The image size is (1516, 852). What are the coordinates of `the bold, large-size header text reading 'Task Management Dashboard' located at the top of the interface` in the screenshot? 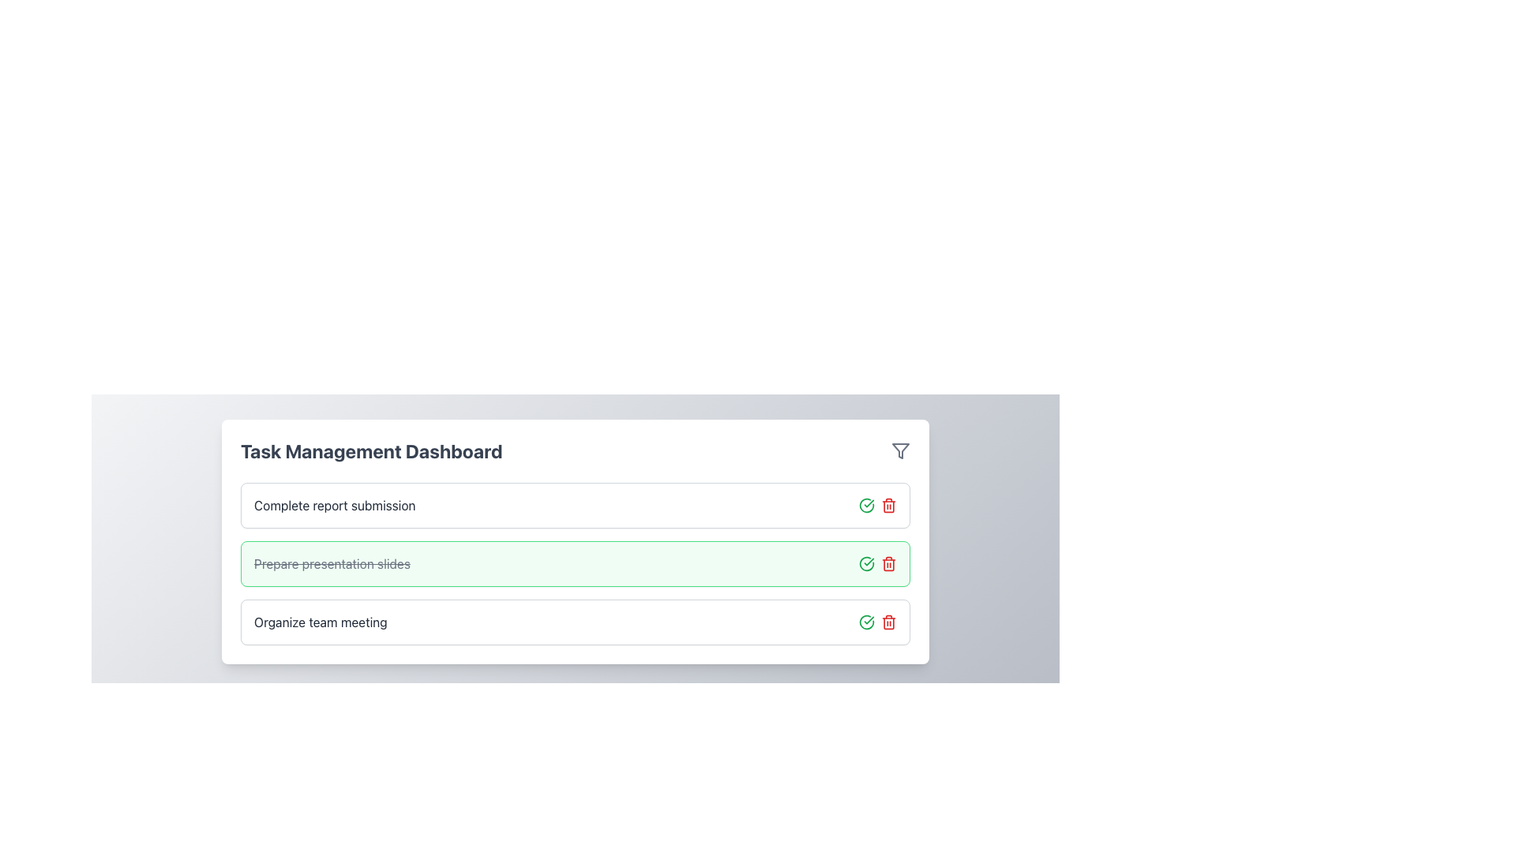 It's located at (370, 450).